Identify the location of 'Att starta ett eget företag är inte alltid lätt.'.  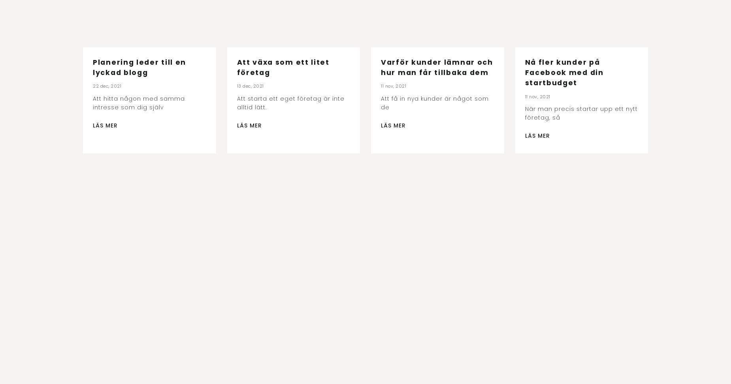
(290, 102).